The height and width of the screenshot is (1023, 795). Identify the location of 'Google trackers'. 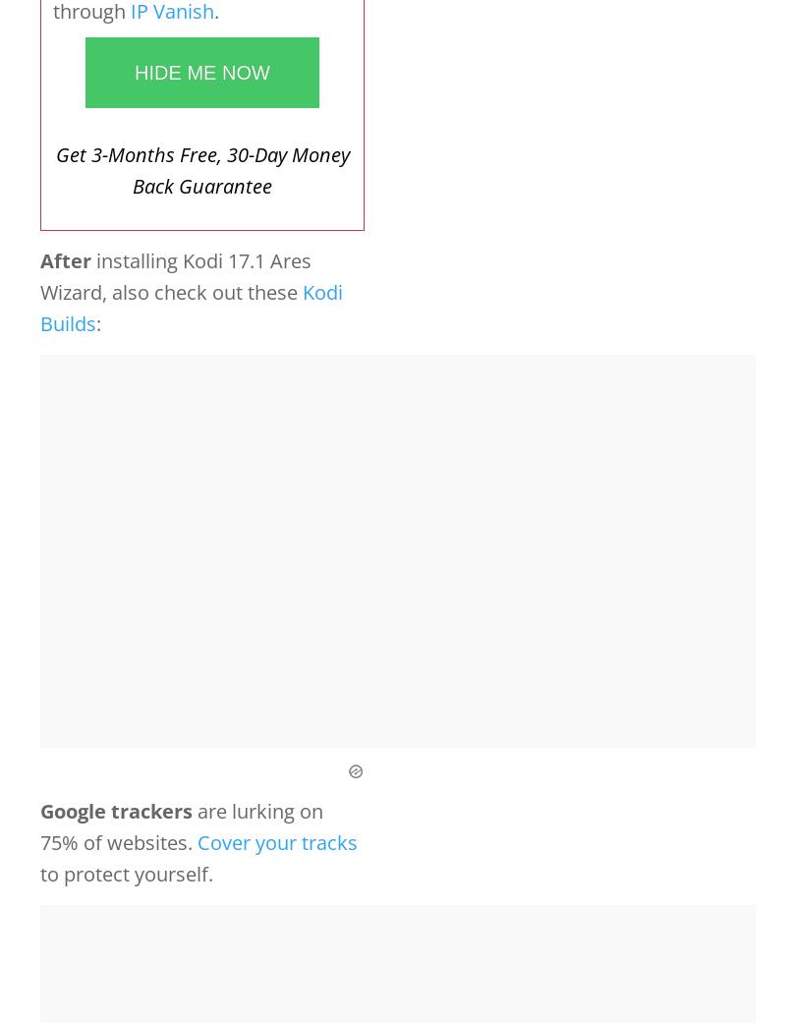
(116, 810).